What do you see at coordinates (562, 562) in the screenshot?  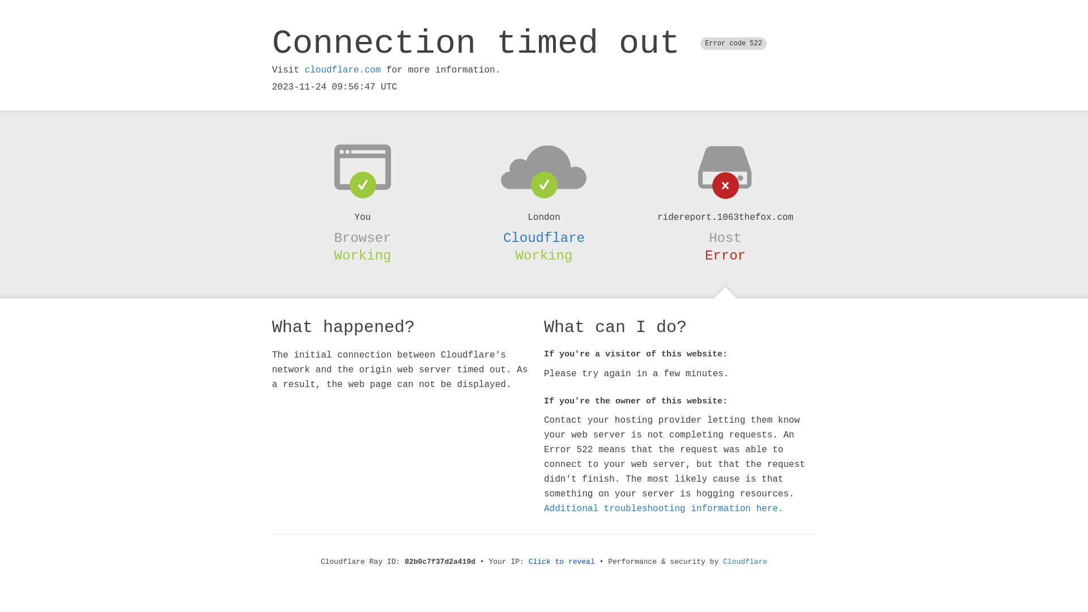 I see `'Click to reveal'` at bounding box center [562, 562].